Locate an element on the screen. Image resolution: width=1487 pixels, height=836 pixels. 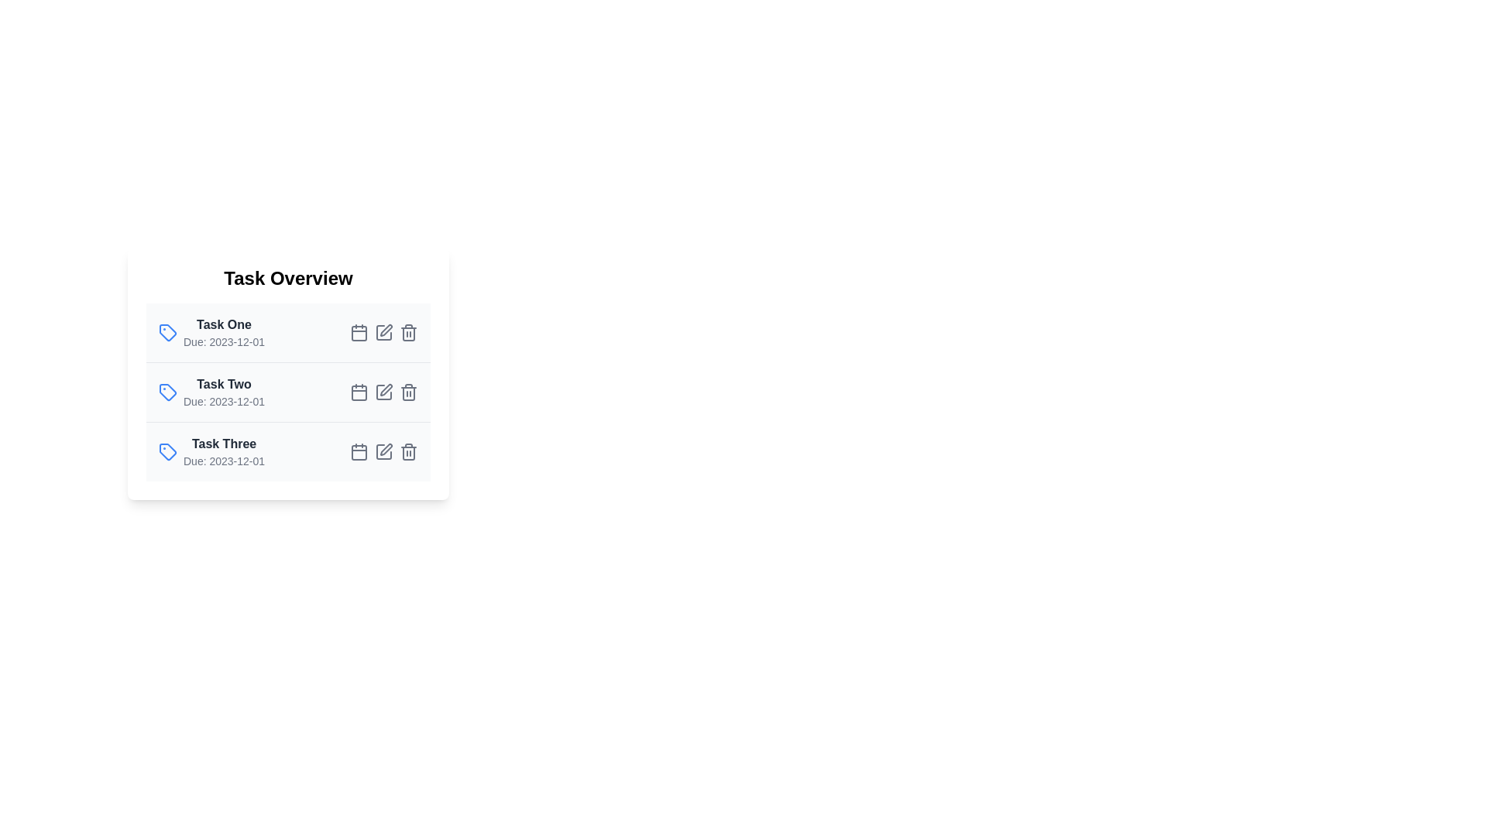
the edit icon, which resembles a pen, located between the calendar and trash bin icons in the action button group for 'Task One Due: 2023-12-01' is located at coordinates (383, 331).